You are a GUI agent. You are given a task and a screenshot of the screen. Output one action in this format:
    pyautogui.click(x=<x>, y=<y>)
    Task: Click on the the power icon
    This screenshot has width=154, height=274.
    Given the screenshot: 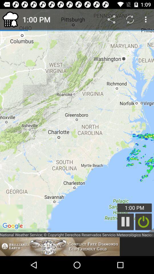 What is the action you would take?
    pyautogui.click(x=143, y=221)
    